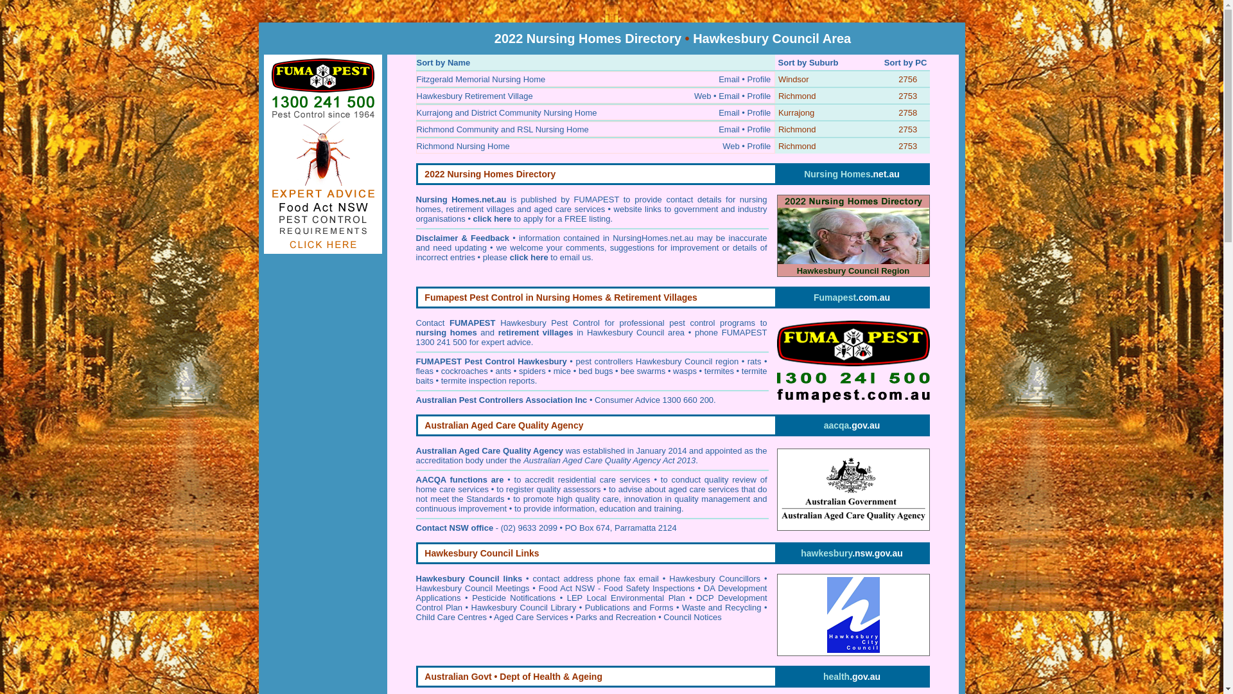 The width and height of the screenshot is (1233, 694). I want to click on 'Waste and Recycling', so click(721, 607).